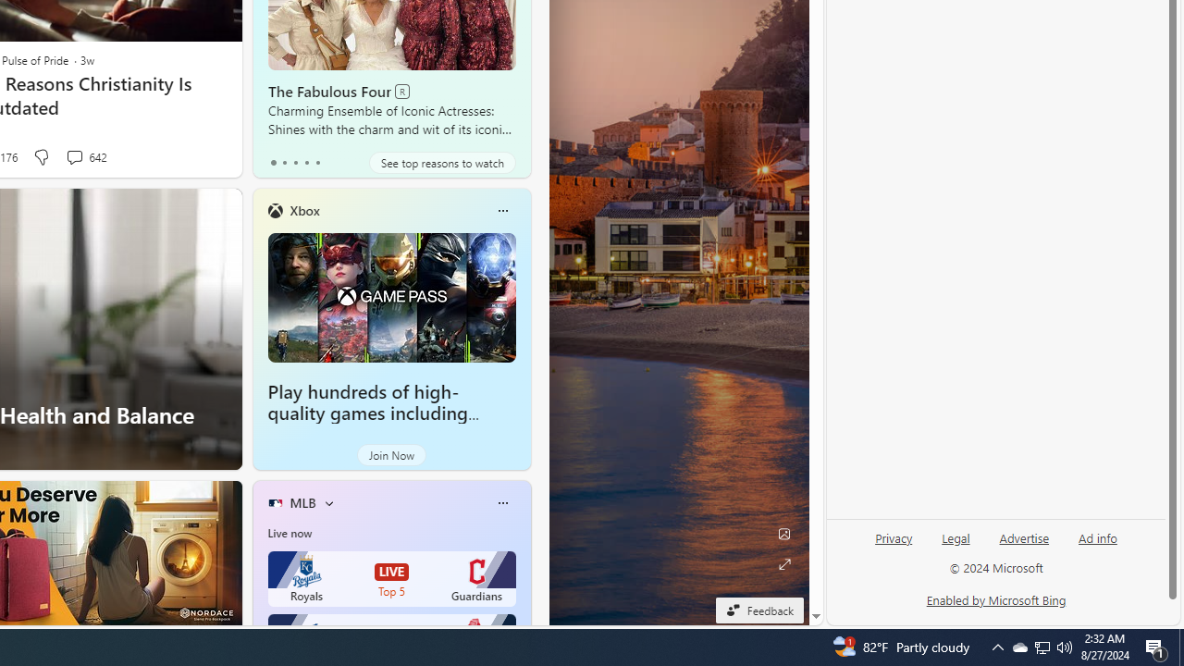 Image resolution: width=1184 pixels, height=666 pixels. I want to click on 'tab-1', so click(283, 162).